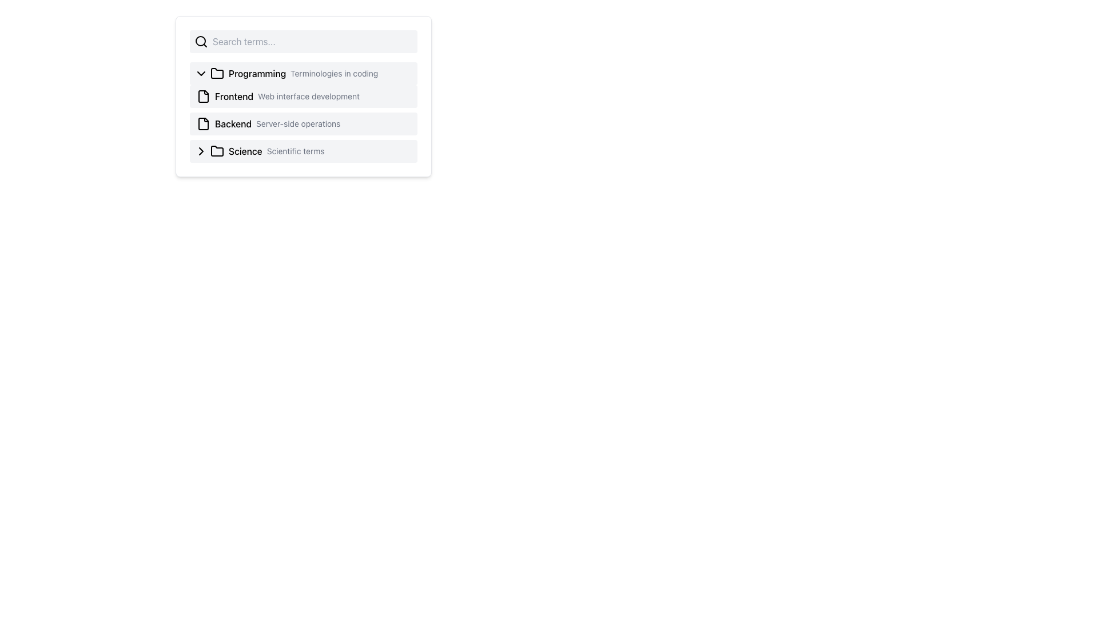 This screenshot has width=1098, height=617. I want to click on the folder icon representing the 'Programming' section in the dropdown menu, so click(217, 73).